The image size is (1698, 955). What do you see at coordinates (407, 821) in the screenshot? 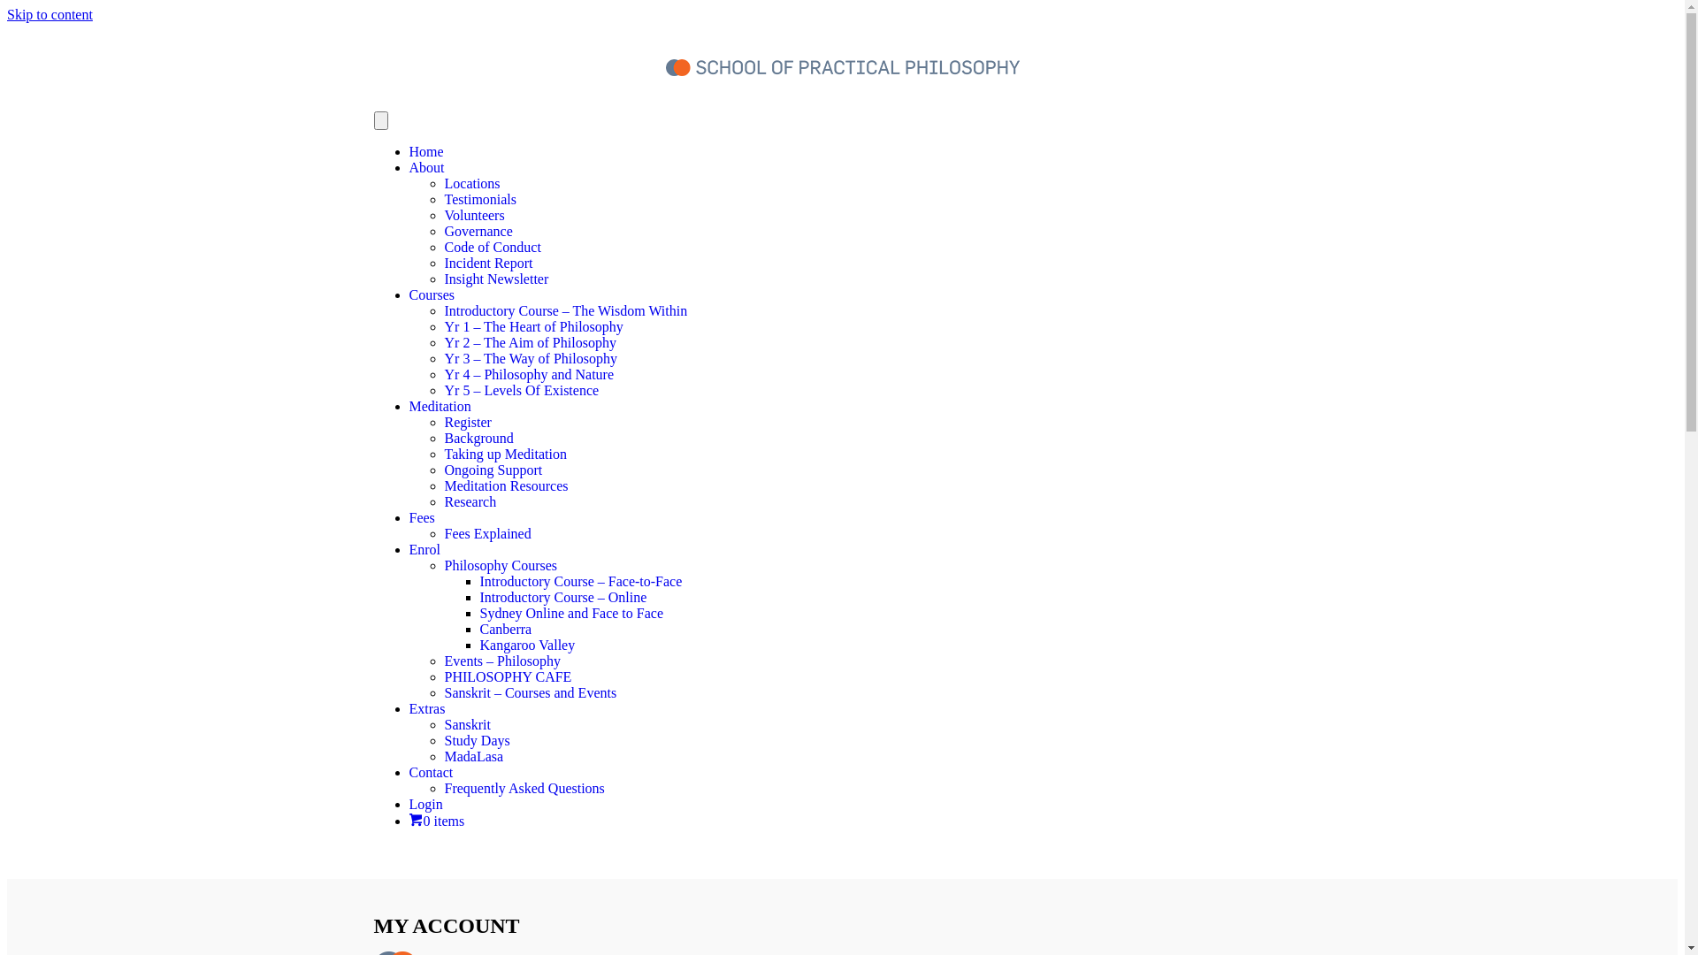
I see `'0 items'` at bounding box center [407, 821].